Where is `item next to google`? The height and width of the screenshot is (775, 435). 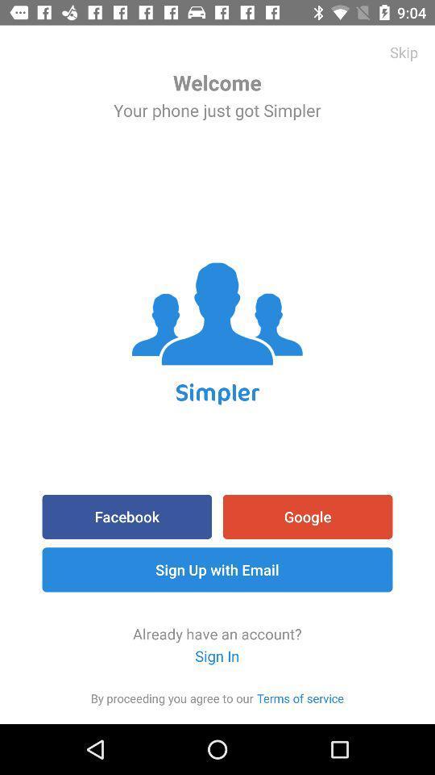 item next to google is located at coordinates (126, 516).